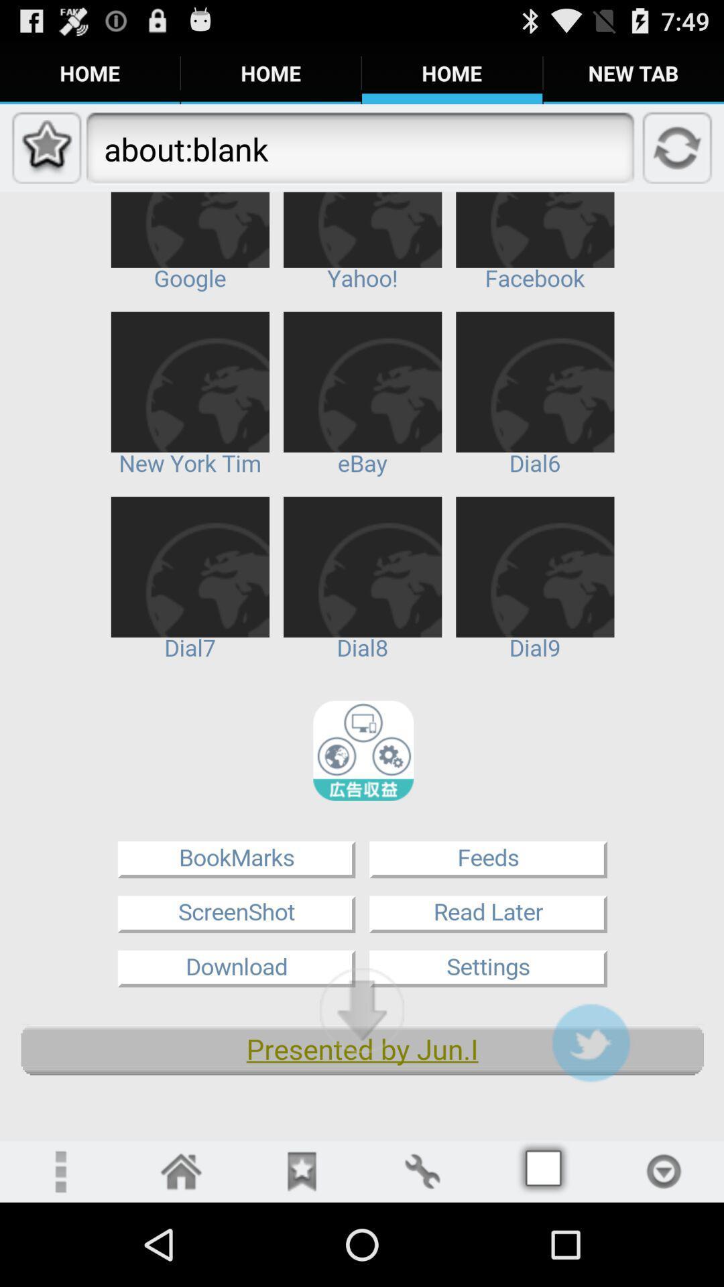  What do you see at coordinates (362, 1081) in the screenshot?
I see `the arrow_downward icon` at bounding box center [362, 1081].